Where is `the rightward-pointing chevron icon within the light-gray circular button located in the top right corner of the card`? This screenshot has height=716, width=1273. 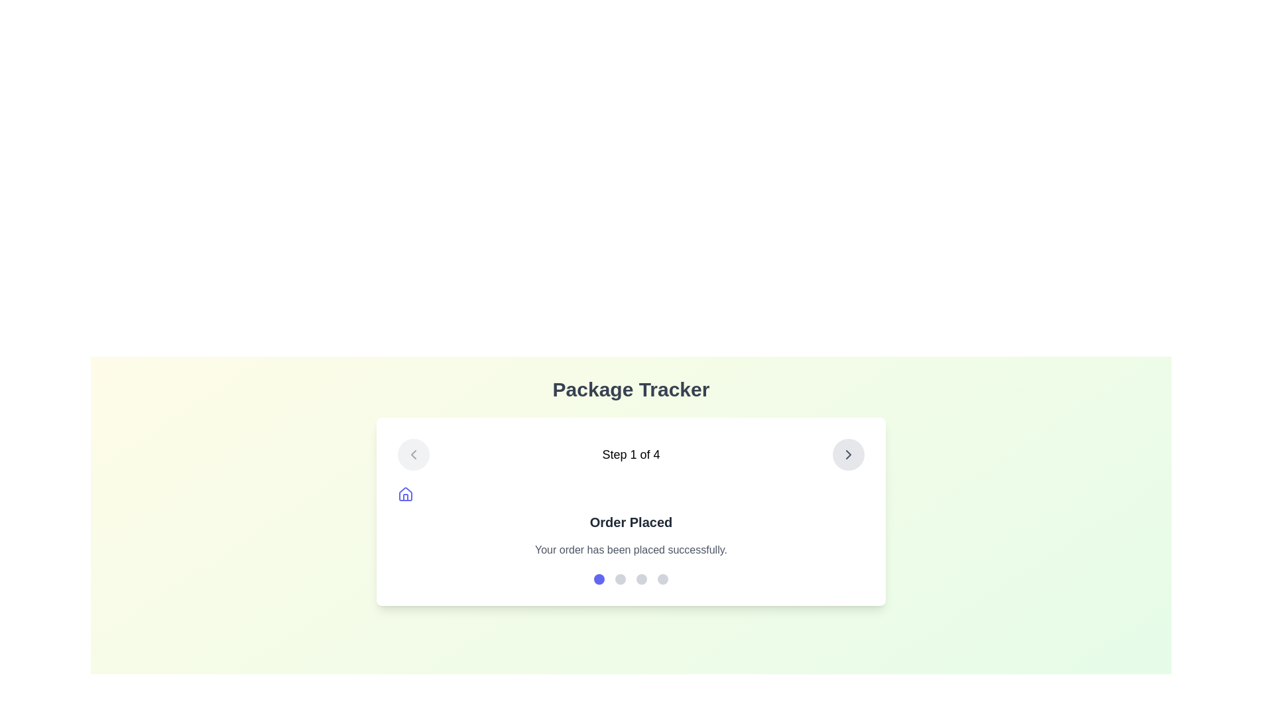 the rightward-pointing chevron icon within the light-gray circular button located in the top right corner of the card is located at coordinates (849, 454).